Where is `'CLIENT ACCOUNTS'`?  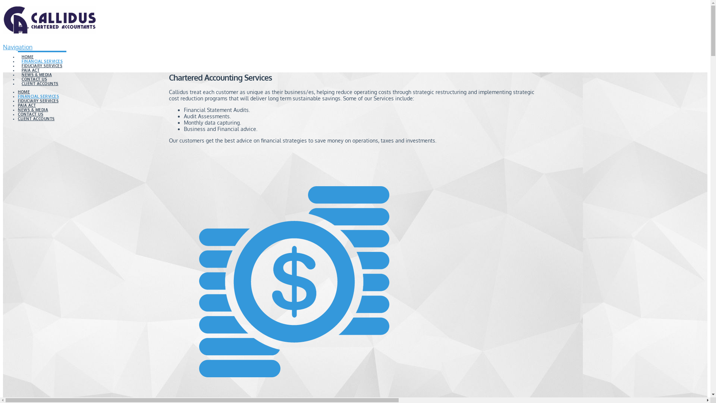 'CLIENT ACCOUNTS' is located at coordinates (39, 79).